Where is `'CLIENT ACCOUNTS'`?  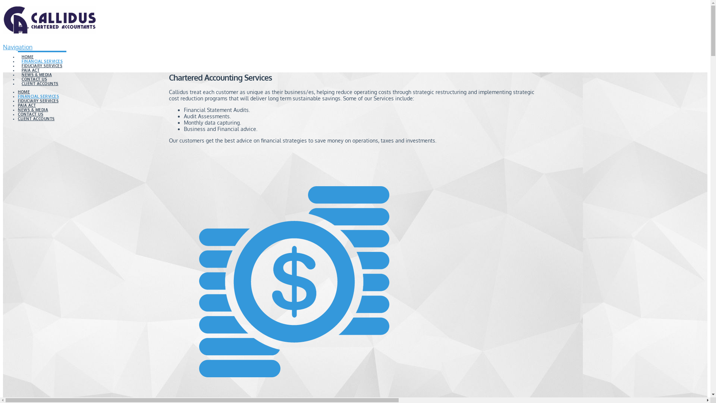 'CLIENT ACCOUNTS' is located at coordinates (39, 79).